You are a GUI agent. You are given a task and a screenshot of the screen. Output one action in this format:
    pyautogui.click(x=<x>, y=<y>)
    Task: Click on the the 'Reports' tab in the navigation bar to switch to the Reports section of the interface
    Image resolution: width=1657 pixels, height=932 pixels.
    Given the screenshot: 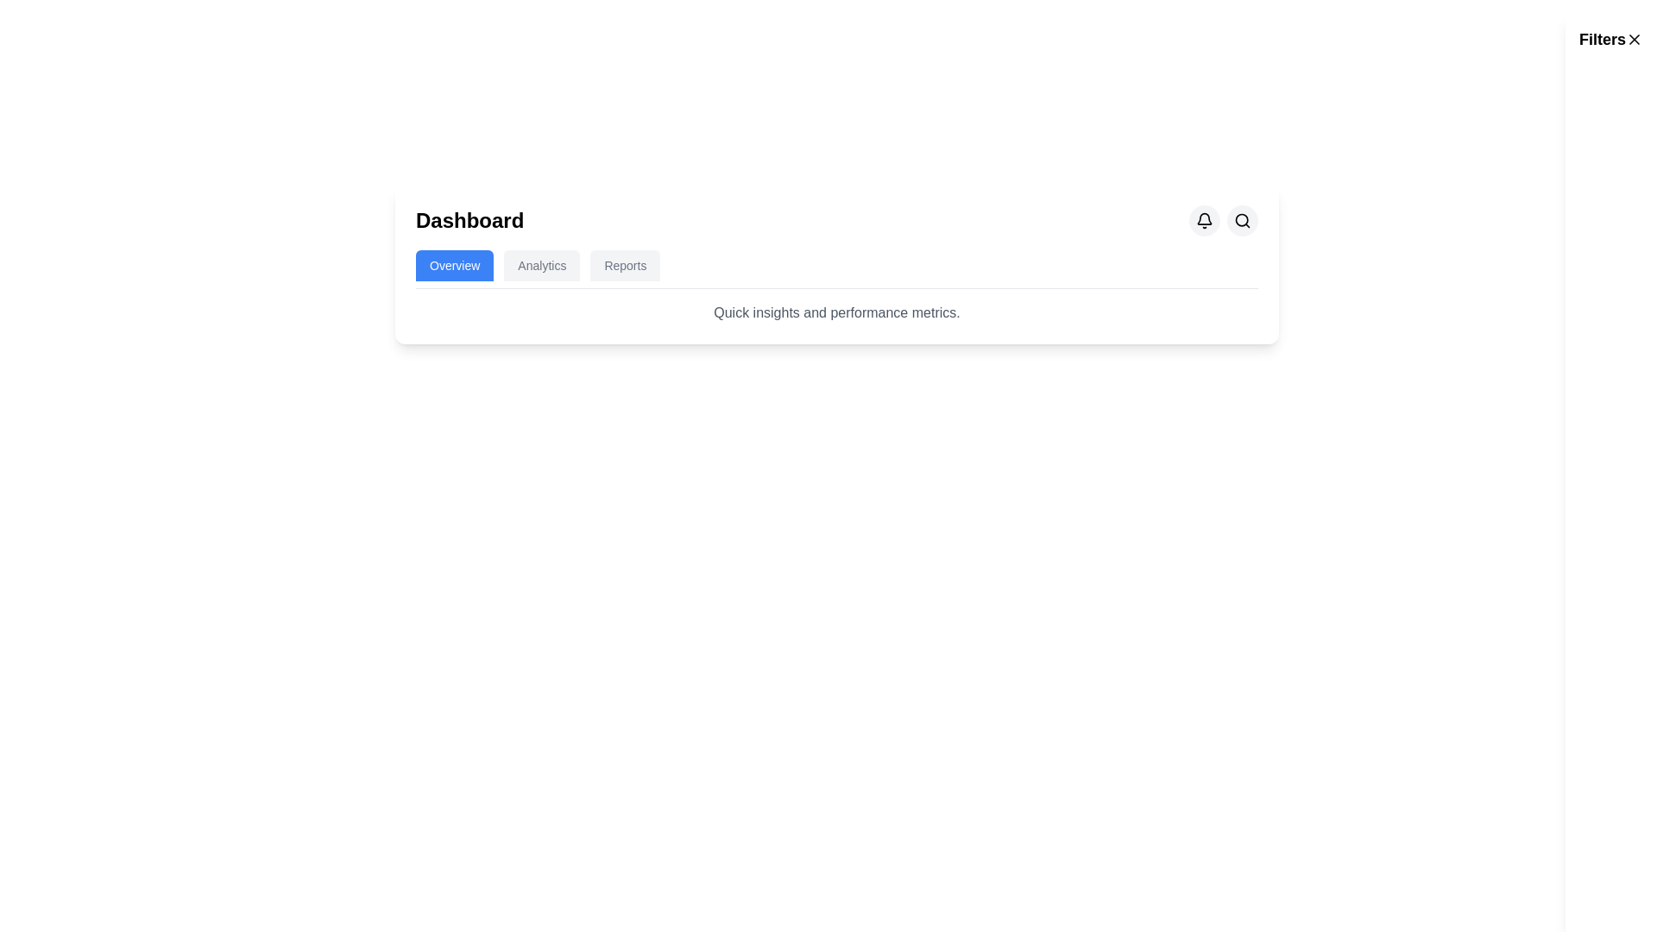 What is the action you would take?
    pyautogui.click(x=624, y=266)
    